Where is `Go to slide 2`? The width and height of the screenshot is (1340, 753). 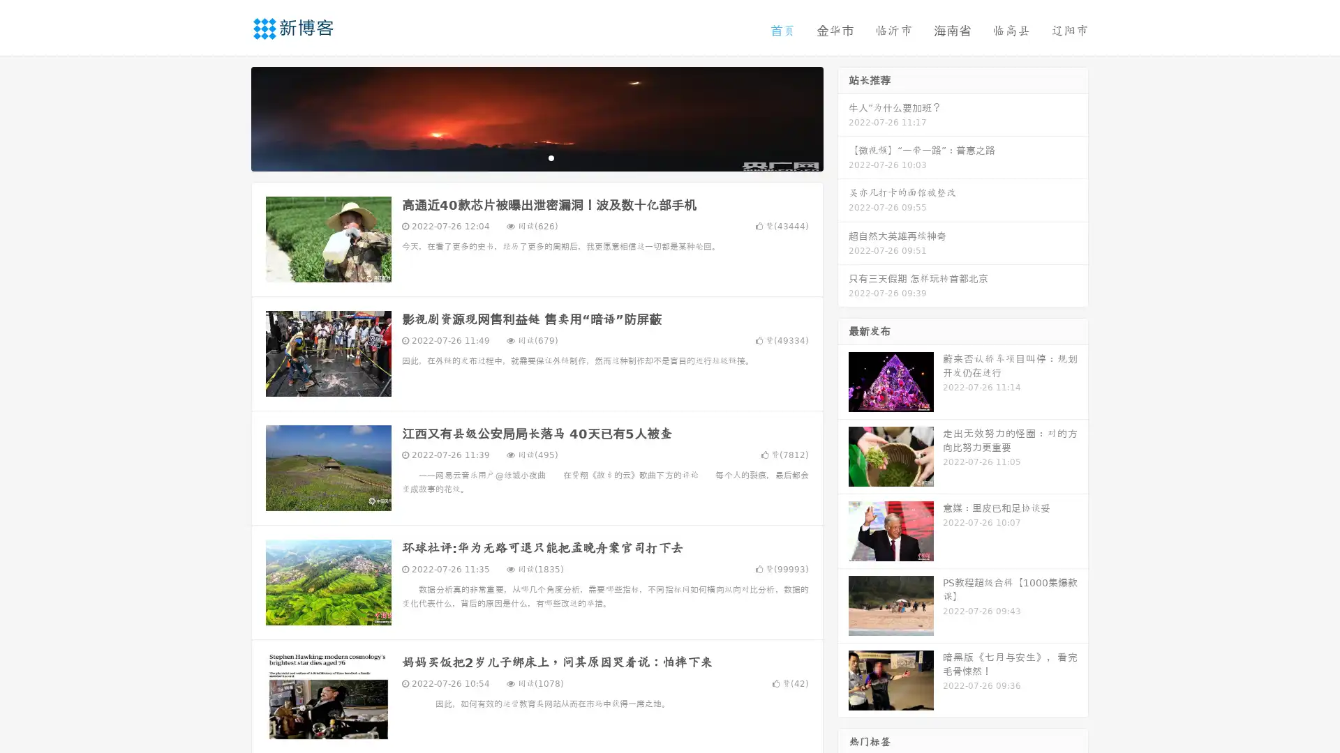
Go to slide 2 is located at coordinates (536, 157).